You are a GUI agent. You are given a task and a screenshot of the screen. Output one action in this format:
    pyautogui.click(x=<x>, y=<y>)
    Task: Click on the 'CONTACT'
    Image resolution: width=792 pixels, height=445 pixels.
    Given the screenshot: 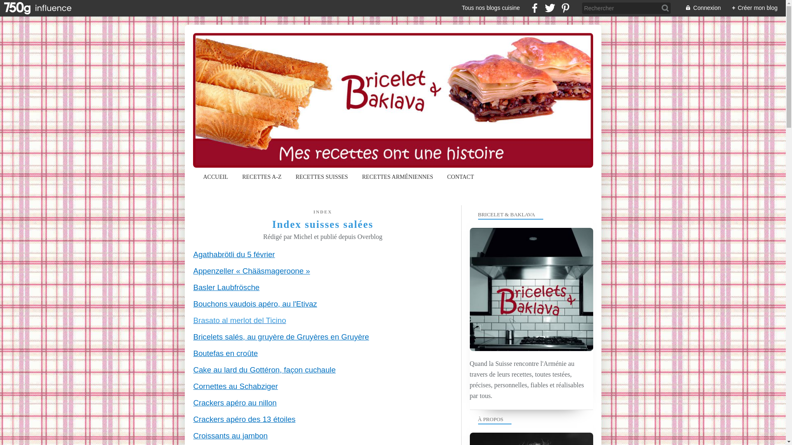 What is the action you would take?
    pyautogui.click(x=460, y=176)
    